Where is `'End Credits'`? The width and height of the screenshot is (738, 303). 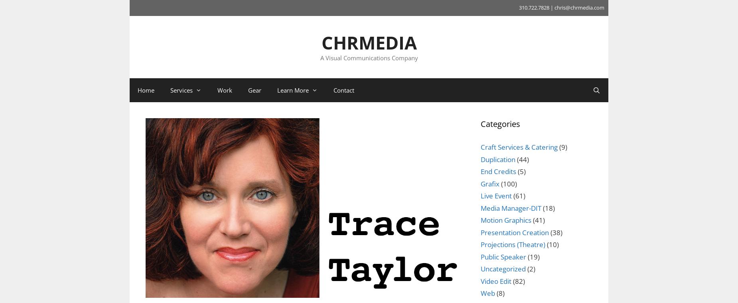
'End Credits' is located at coordinates (498, 171).